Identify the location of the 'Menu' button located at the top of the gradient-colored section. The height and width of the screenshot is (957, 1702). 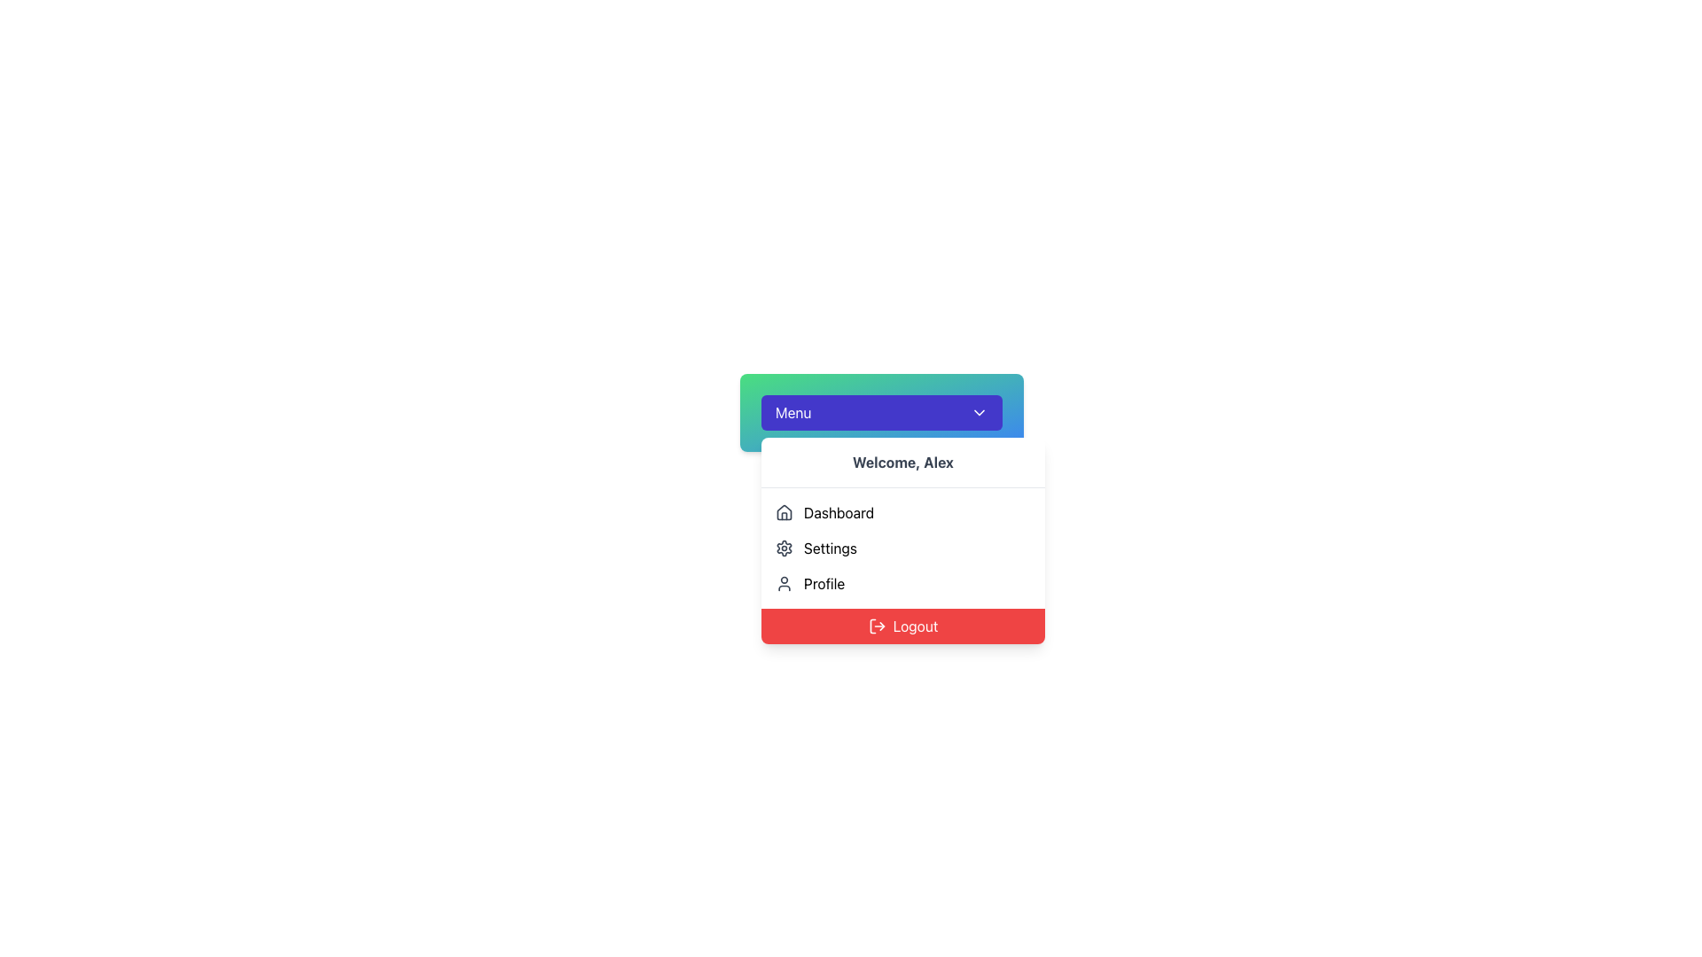
(881, 413).